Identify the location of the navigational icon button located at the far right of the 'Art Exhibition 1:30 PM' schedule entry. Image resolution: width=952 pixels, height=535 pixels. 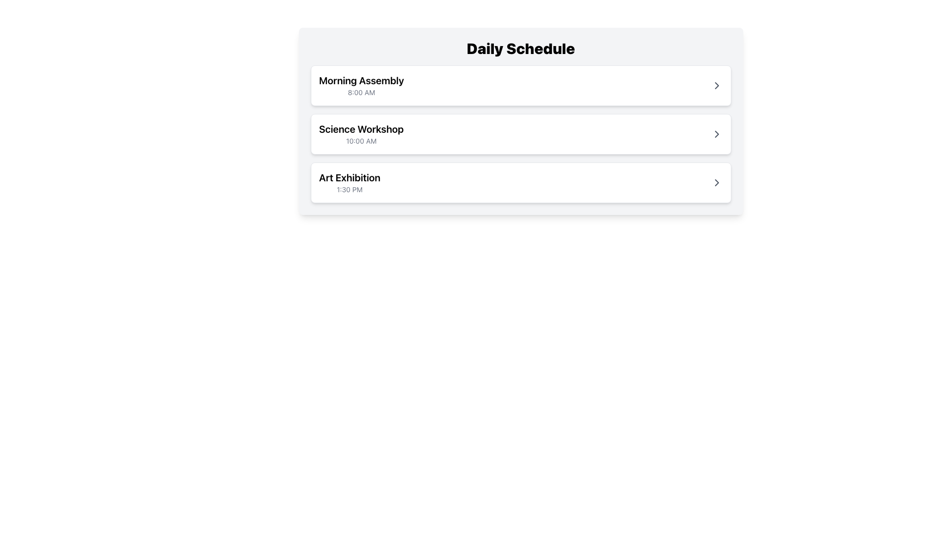
(716, 183).